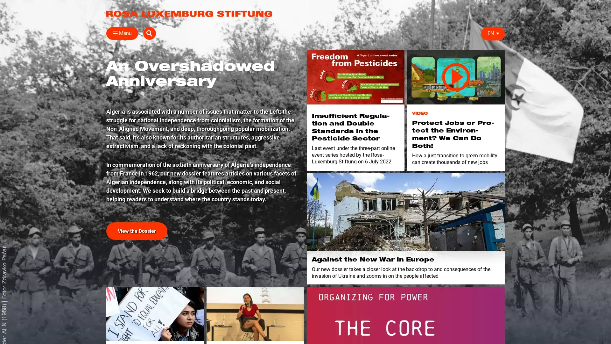  I want to click on Close, so click(113, 33).